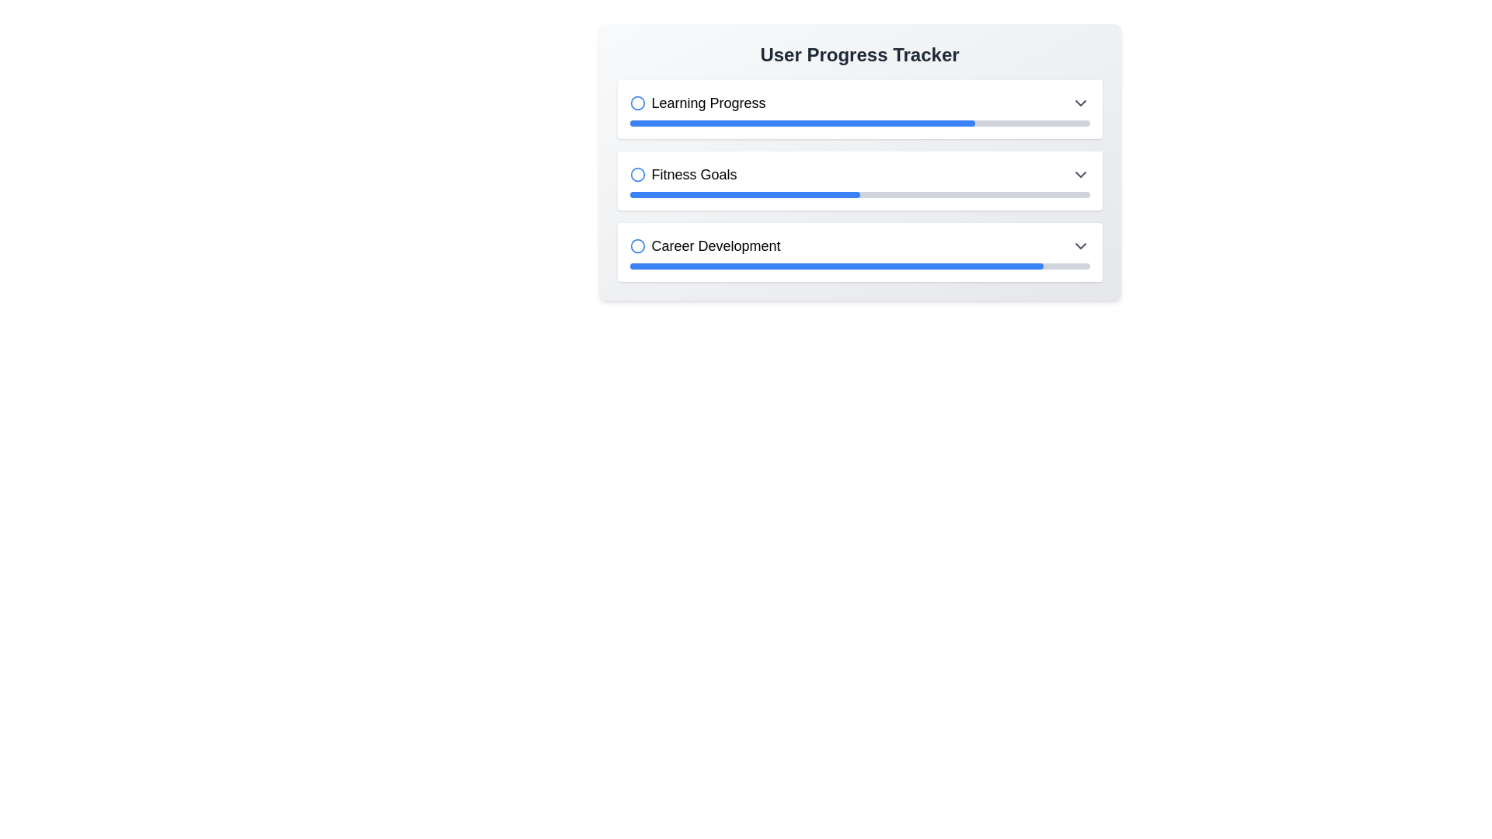 The width and height of the screenshot is (1492, 839). What do you see at coordinates (696, 103) in the screenshot?
I see `the static label indicating the learning progress of the user, located in the 'Learning Progress' section of the 'User Progress Tracker'` at bounding box center [696, 103].